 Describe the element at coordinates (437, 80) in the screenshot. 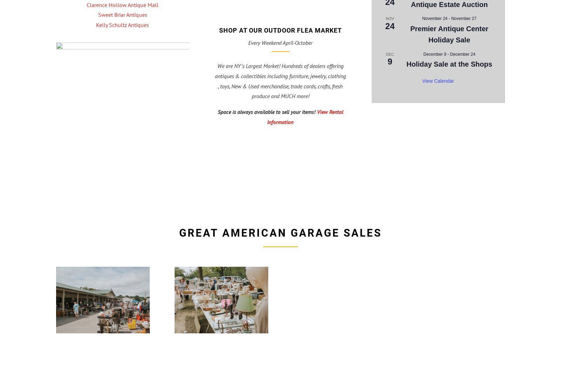

I see `'View Calendar'` at that location.